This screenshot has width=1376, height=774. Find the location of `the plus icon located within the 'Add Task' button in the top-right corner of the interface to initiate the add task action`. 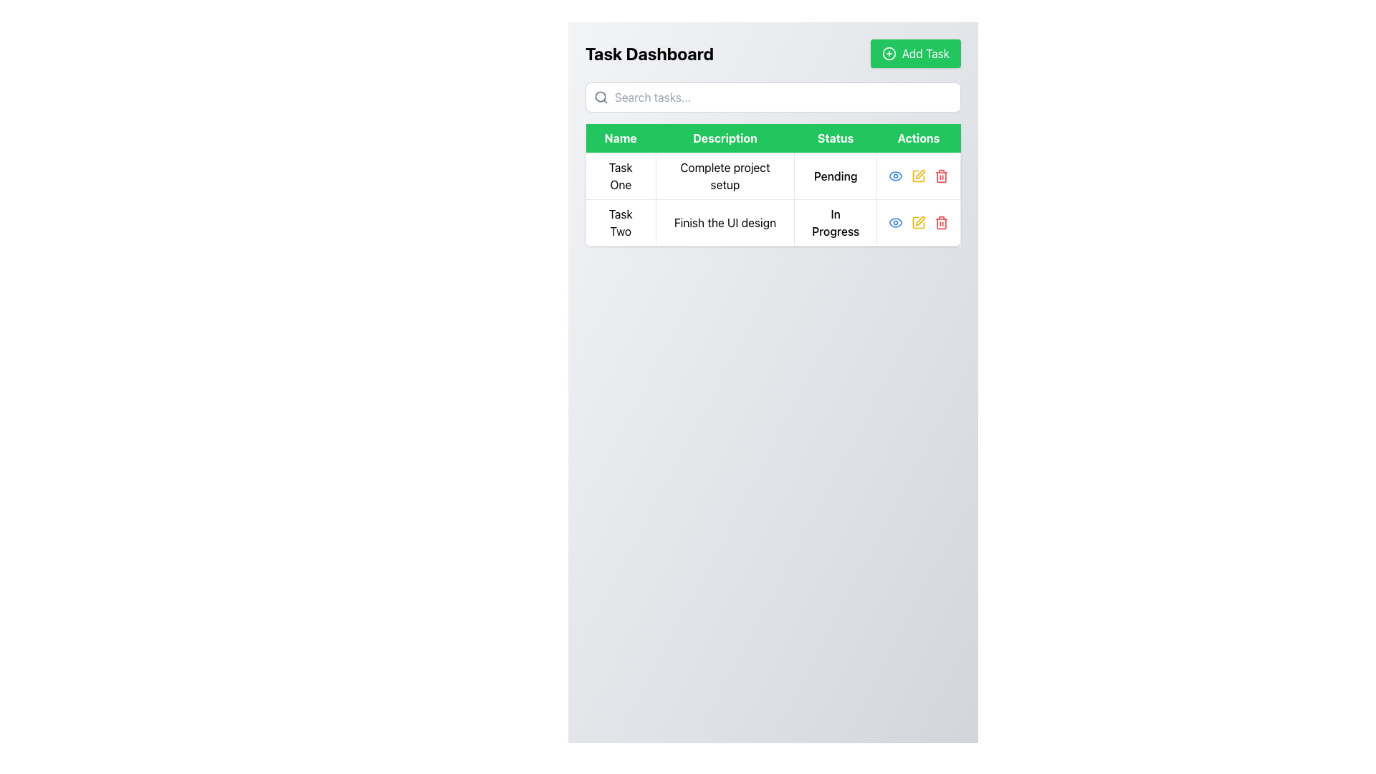

the plus icon located within the 'Add Task' button in the top-right corner of the interface to initiate the add task action is located at coordinates (887, 52).